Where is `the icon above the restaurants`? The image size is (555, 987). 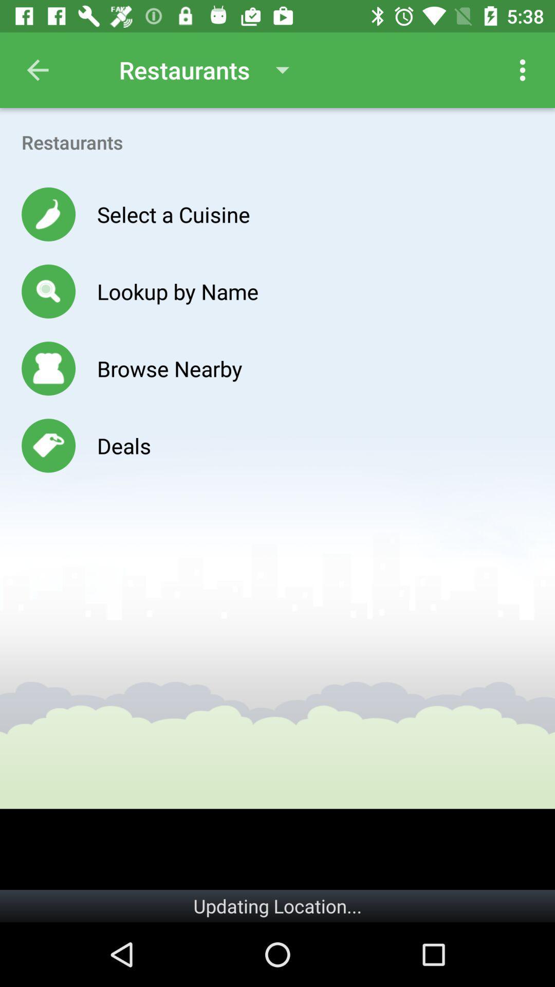
the icon above the restaurants is located at coordinates (37, 69).